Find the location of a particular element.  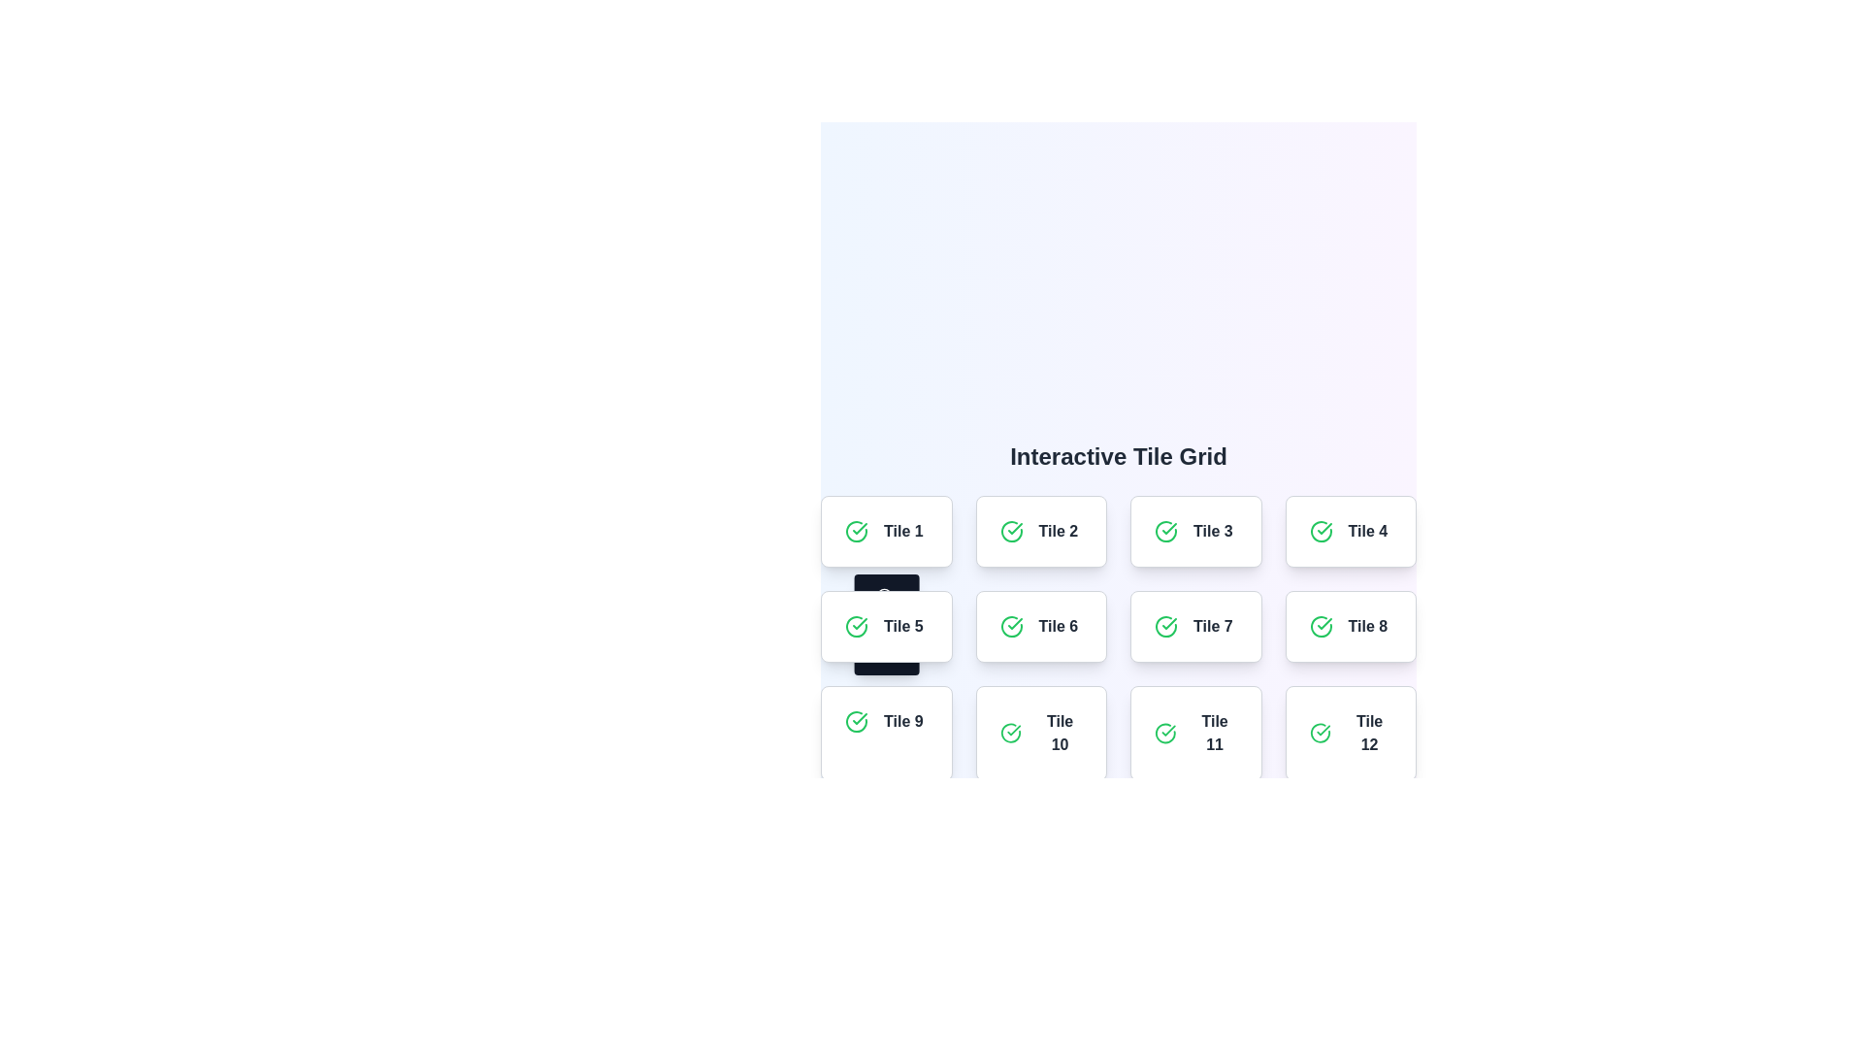

the 'Tile 10' element, which visually represents an item with a completed status indicated by a green checkmark is located at coordinates (1040, 734).